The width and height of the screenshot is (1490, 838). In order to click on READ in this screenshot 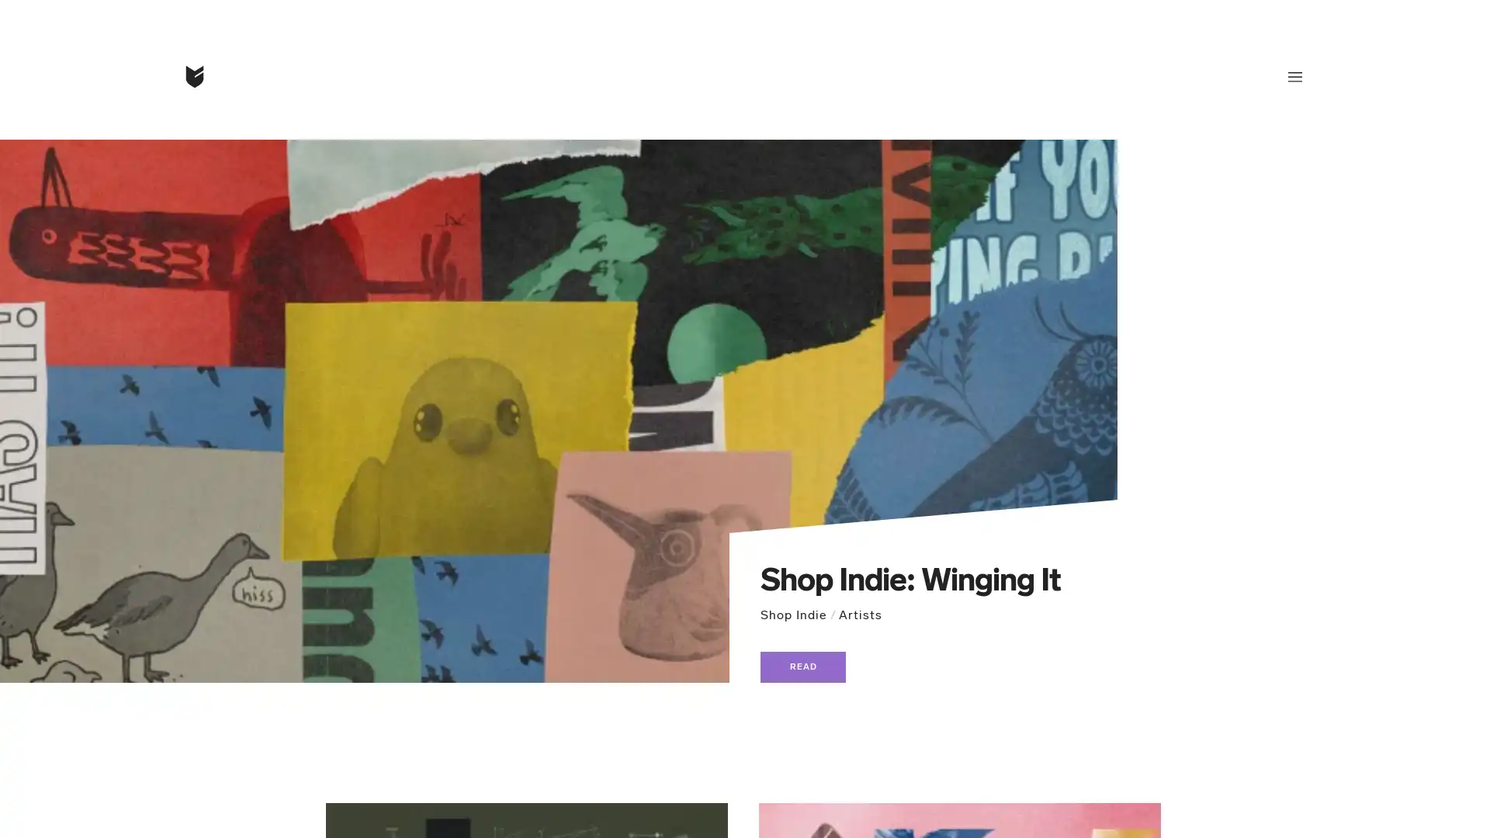, I will do `click(803, 667)`.